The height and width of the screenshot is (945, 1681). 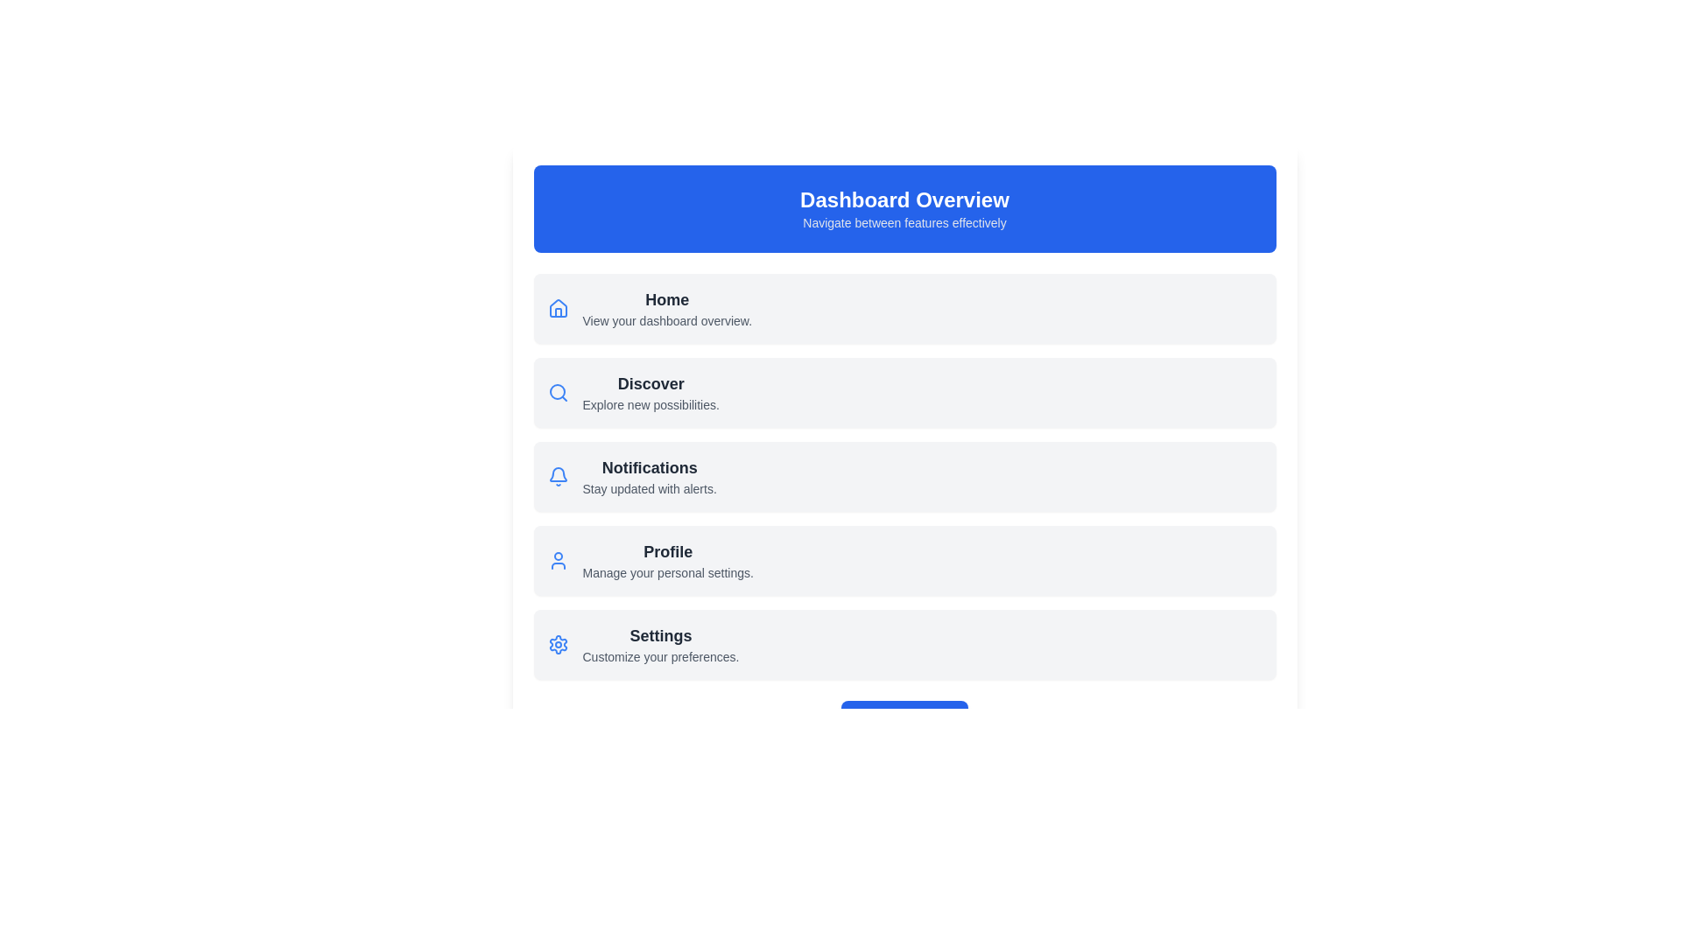 I want to click on the 'Settings' section heading, which serves as the title for the section and is located above the subheading 'Customize your preferences.', so click(x=659, y=635).